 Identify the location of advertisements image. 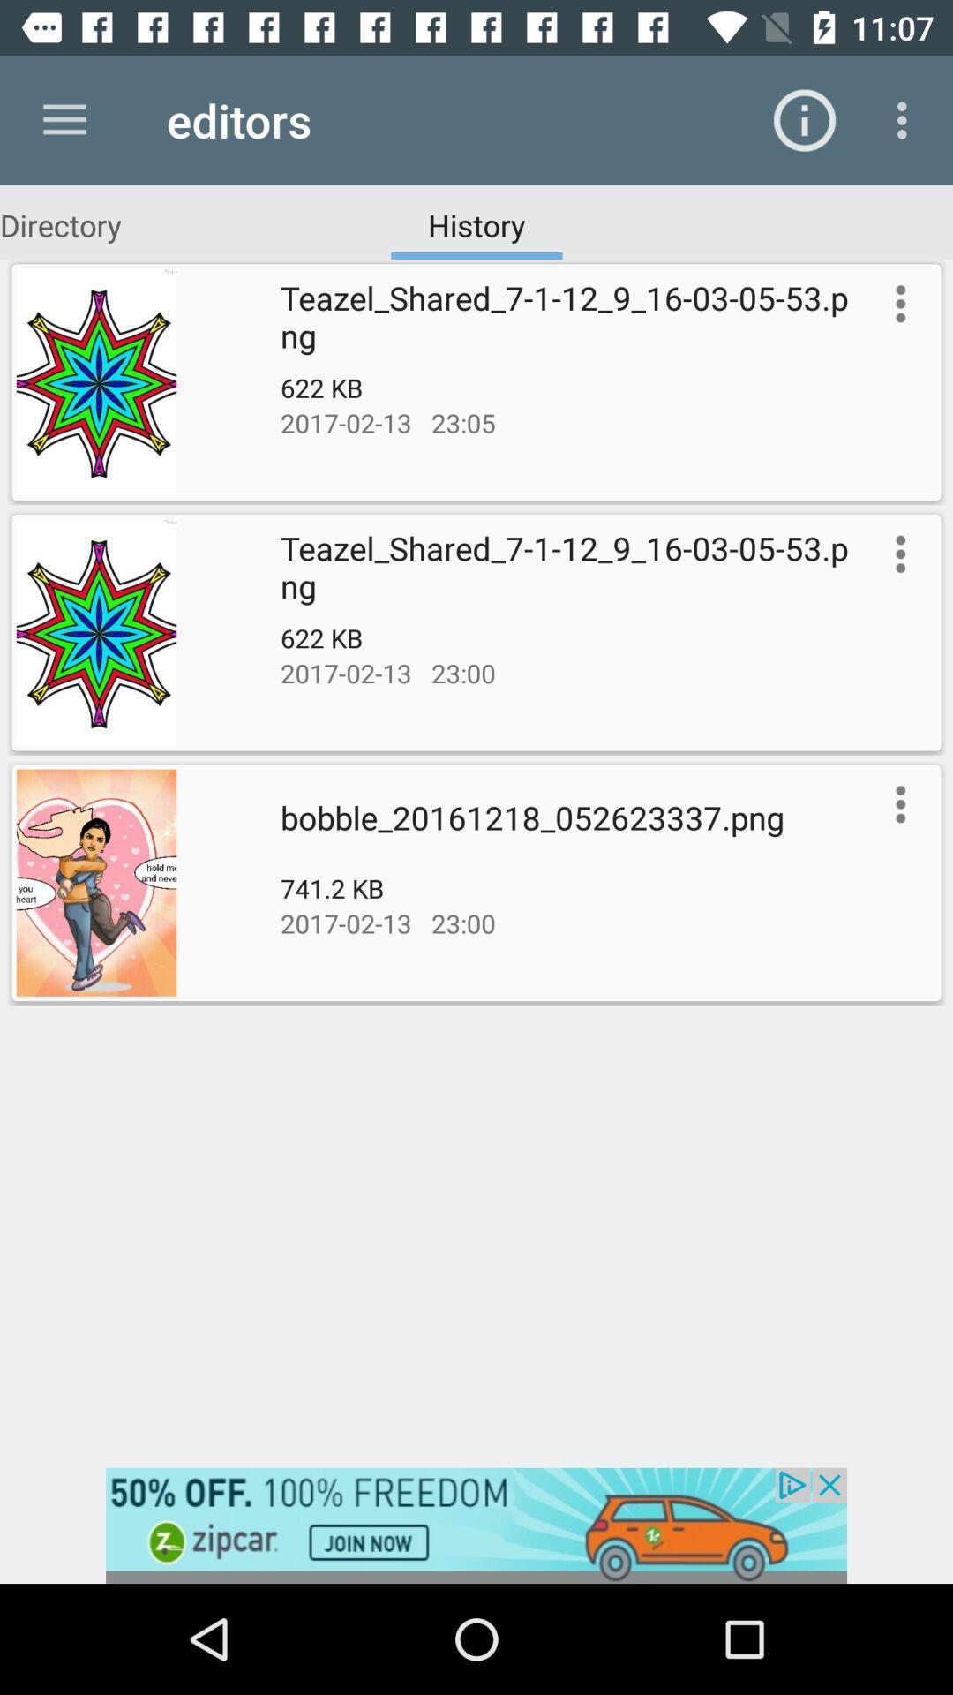
(476, 1525).